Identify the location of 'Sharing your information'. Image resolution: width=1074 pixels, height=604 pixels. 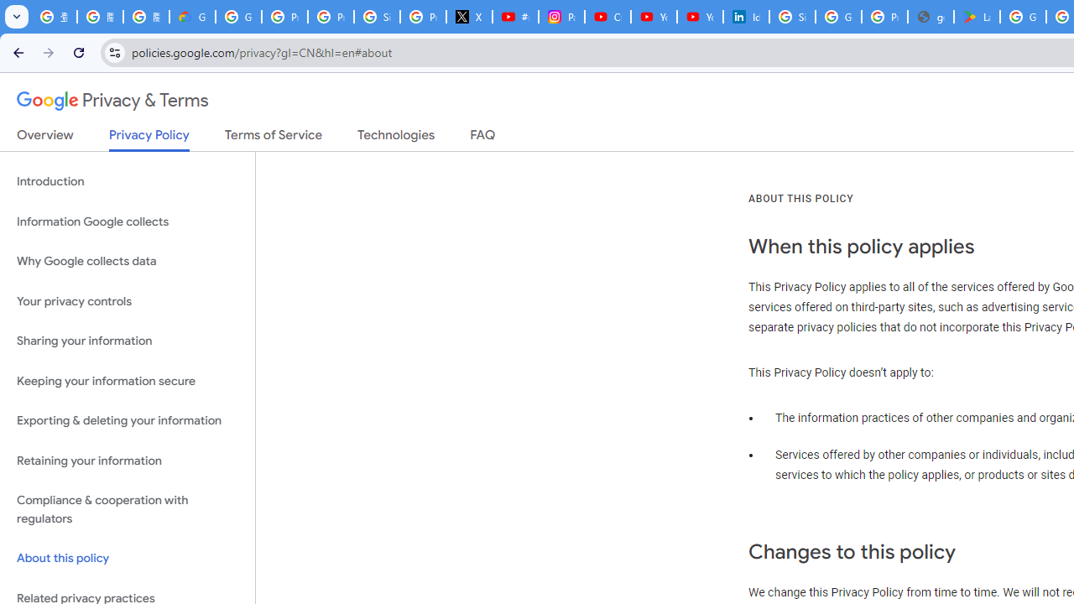
(127, 341).